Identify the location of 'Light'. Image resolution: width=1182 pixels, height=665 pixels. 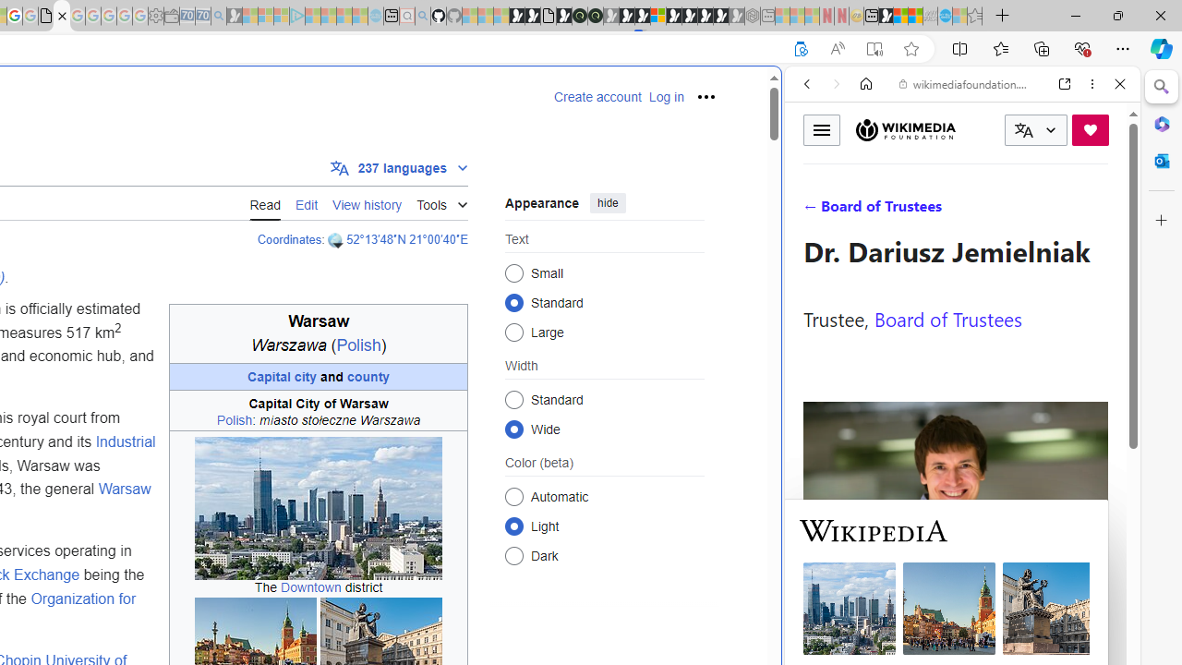
(513, 526).